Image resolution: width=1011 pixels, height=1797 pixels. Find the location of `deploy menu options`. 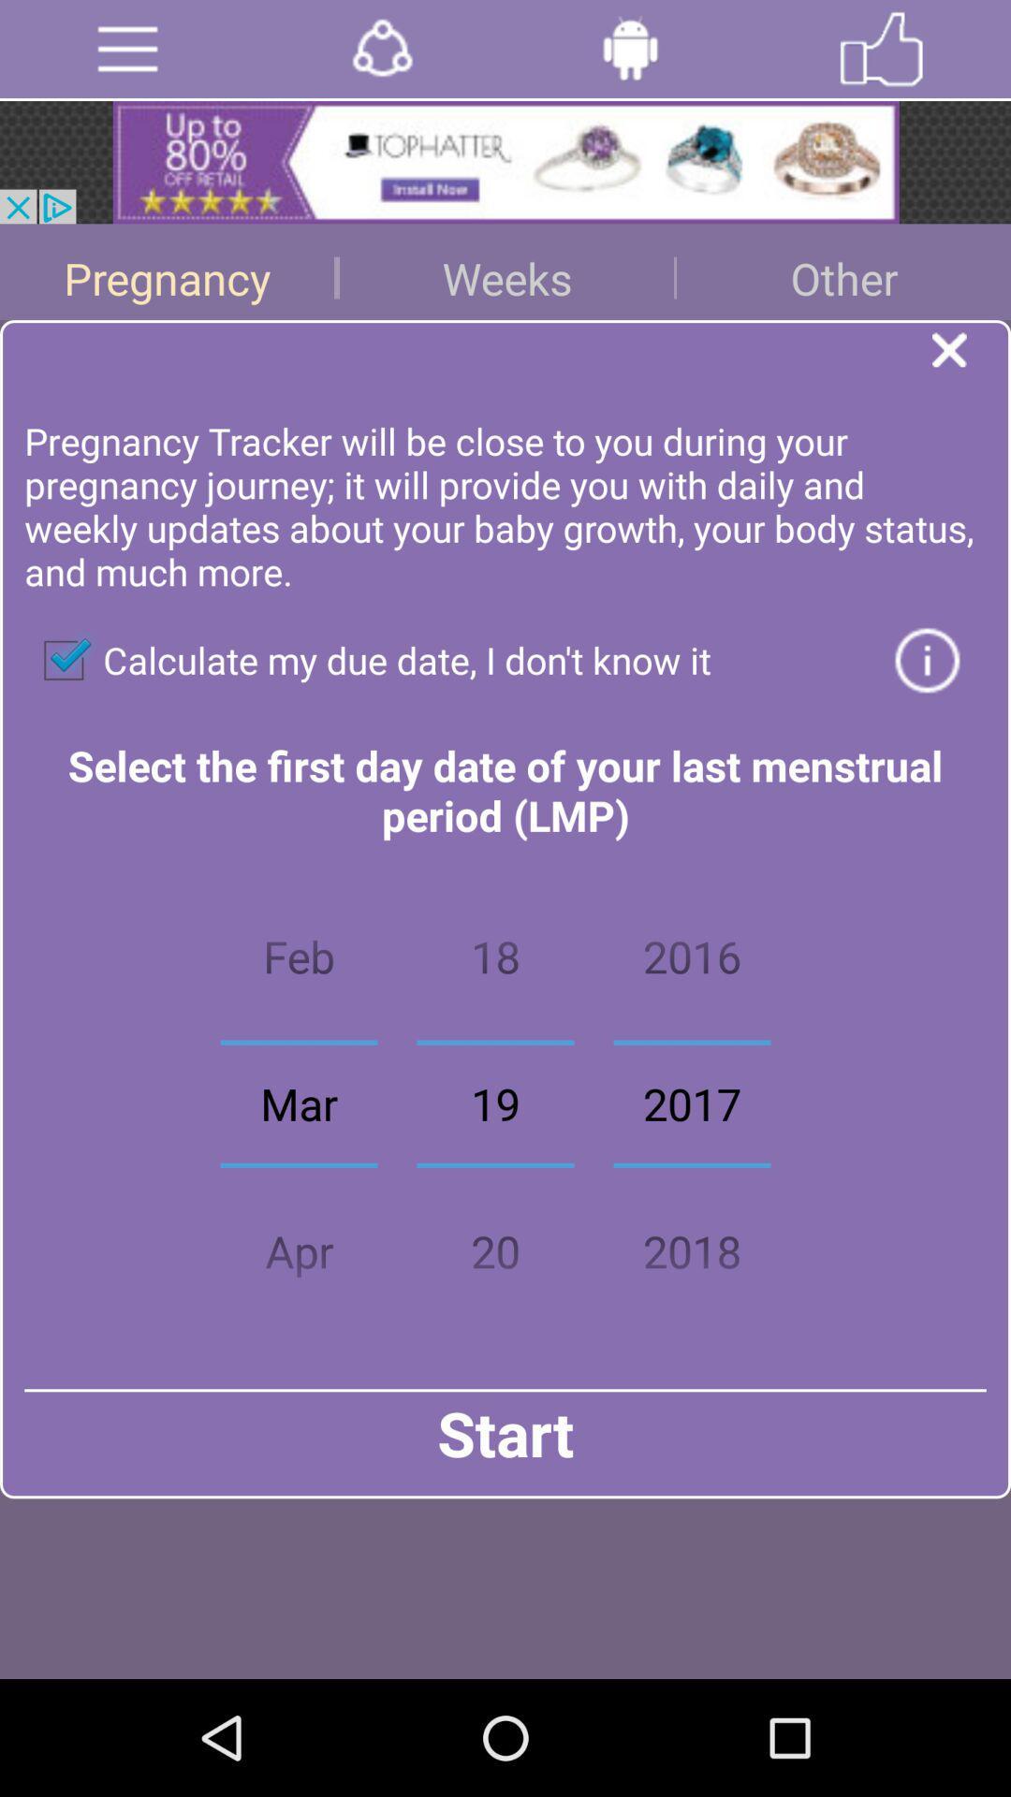

deploy menu options is located at coordinates (126, 49).